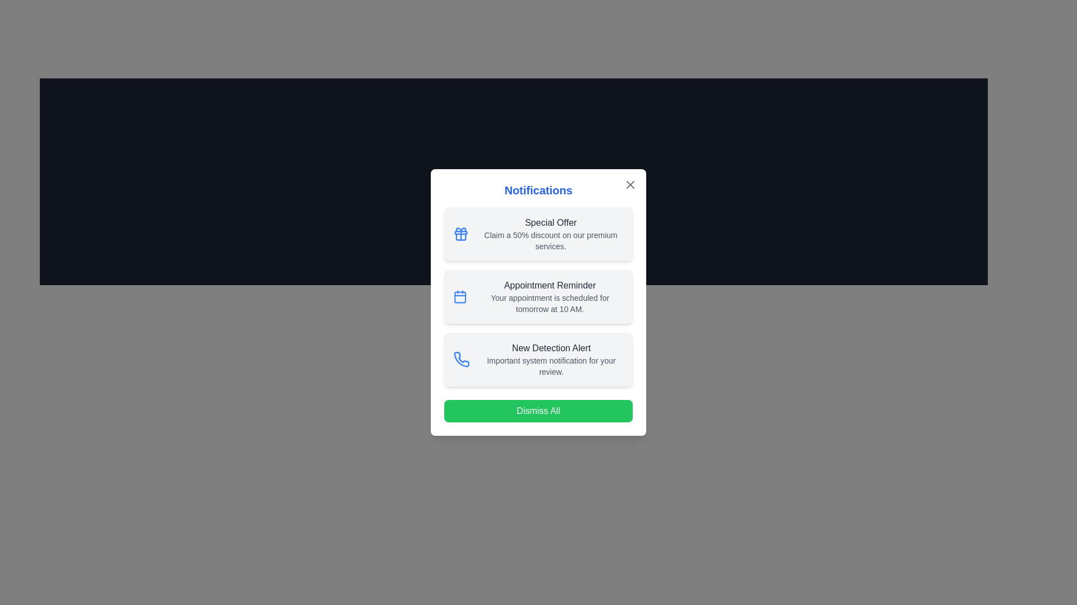 This screenshot has width=1077, height=605. I want to click on the Decorative bar within the gift icon that is styled with a blue hue, located to the left of the 'Special Offer' notification card, so click(461, 232).